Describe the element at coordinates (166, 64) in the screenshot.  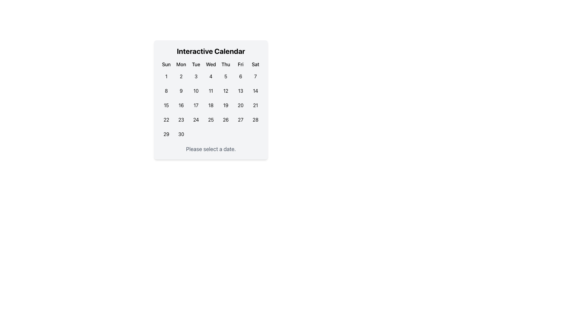
I see `the 'Sun' text label, which is the first item in the sequence of days of the week at the top left of the calendar interface` at that location.